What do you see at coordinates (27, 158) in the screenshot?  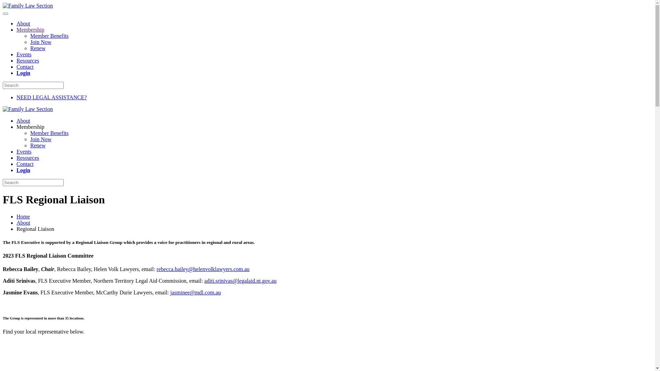 I see `'Resources'` at bounding box center [27, 158].